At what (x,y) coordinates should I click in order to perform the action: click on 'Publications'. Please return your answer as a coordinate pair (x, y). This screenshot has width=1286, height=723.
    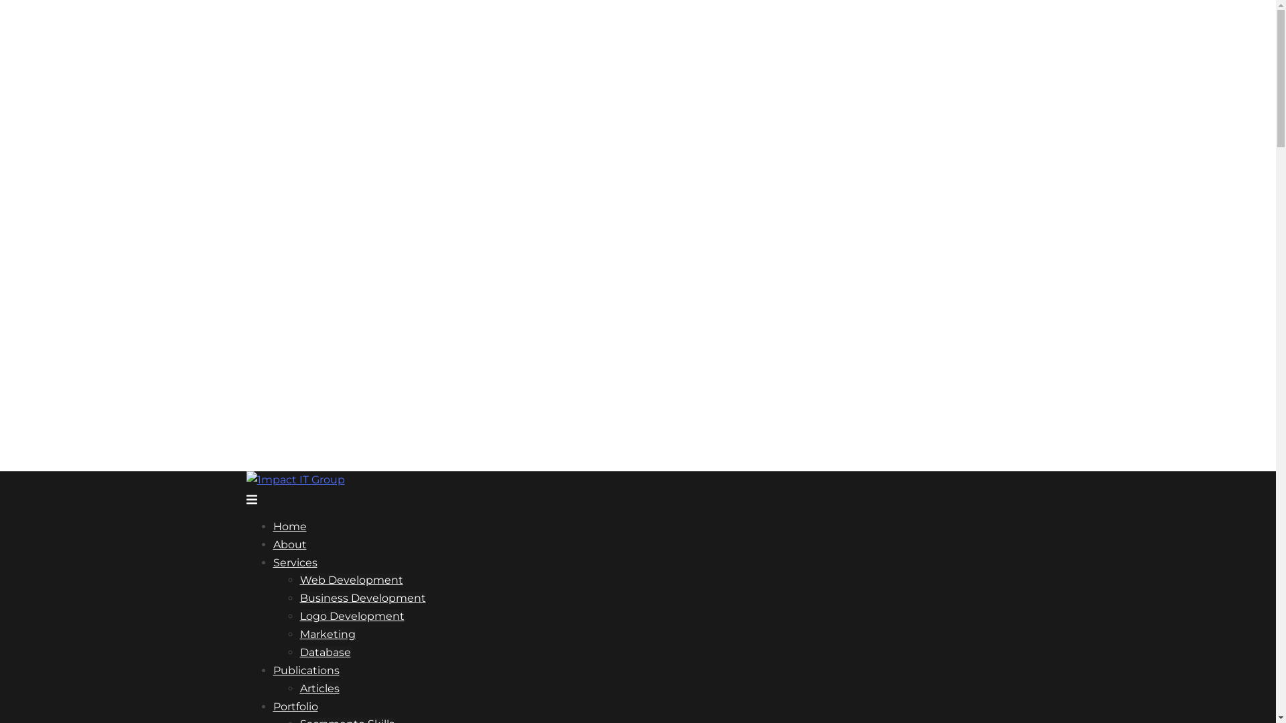
    Looking at the image, I should click on (305, 670).